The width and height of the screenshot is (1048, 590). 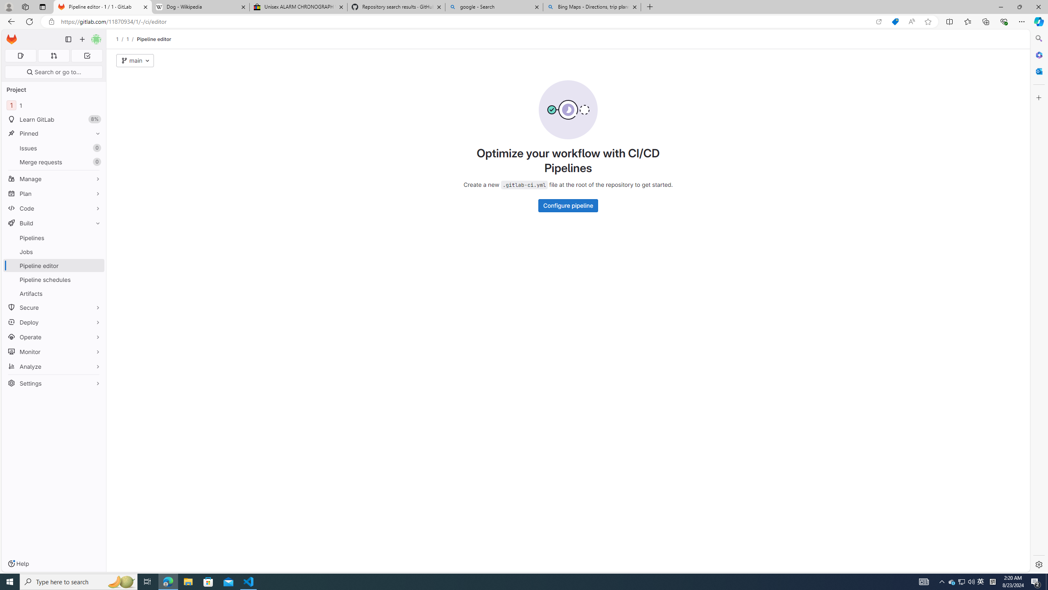 What do you see at coordinates (53, 307) in the screenshot?
I see `'Secure'` at bounding box center [53, 307].